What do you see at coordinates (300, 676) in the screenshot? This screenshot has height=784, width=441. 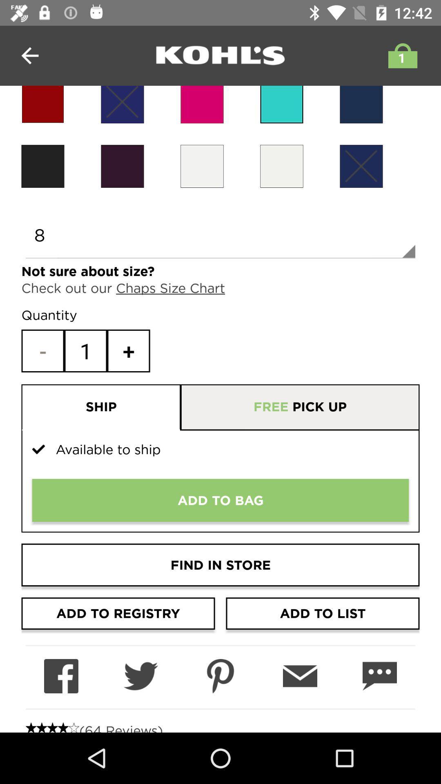 I see `share the item via email` at bounding box center [300, 676].